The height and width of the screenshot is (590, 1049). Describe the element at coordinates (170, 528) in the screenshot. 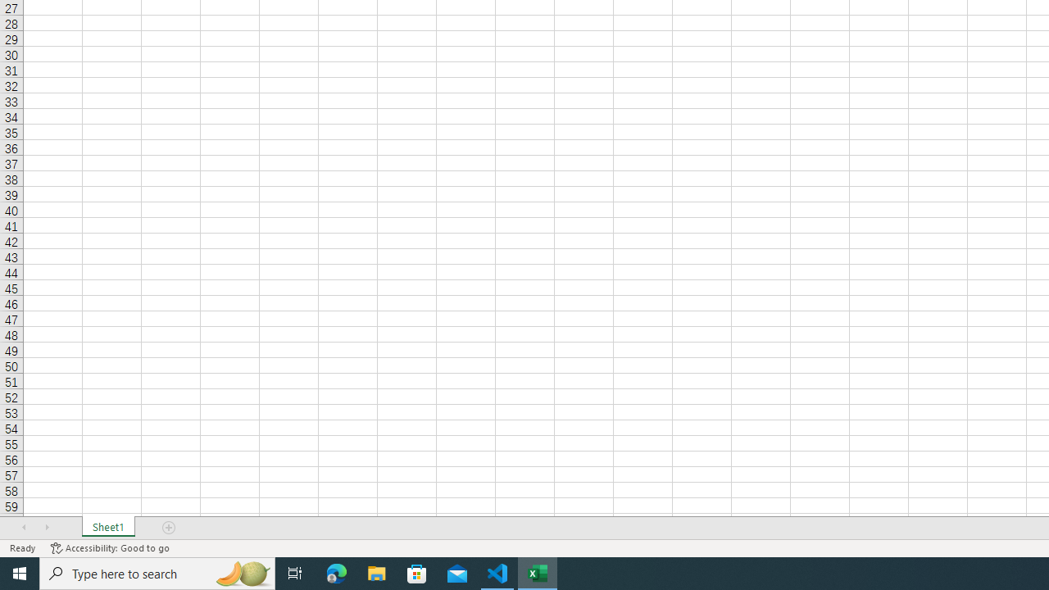

I see `'Add Sheet'` at that location.